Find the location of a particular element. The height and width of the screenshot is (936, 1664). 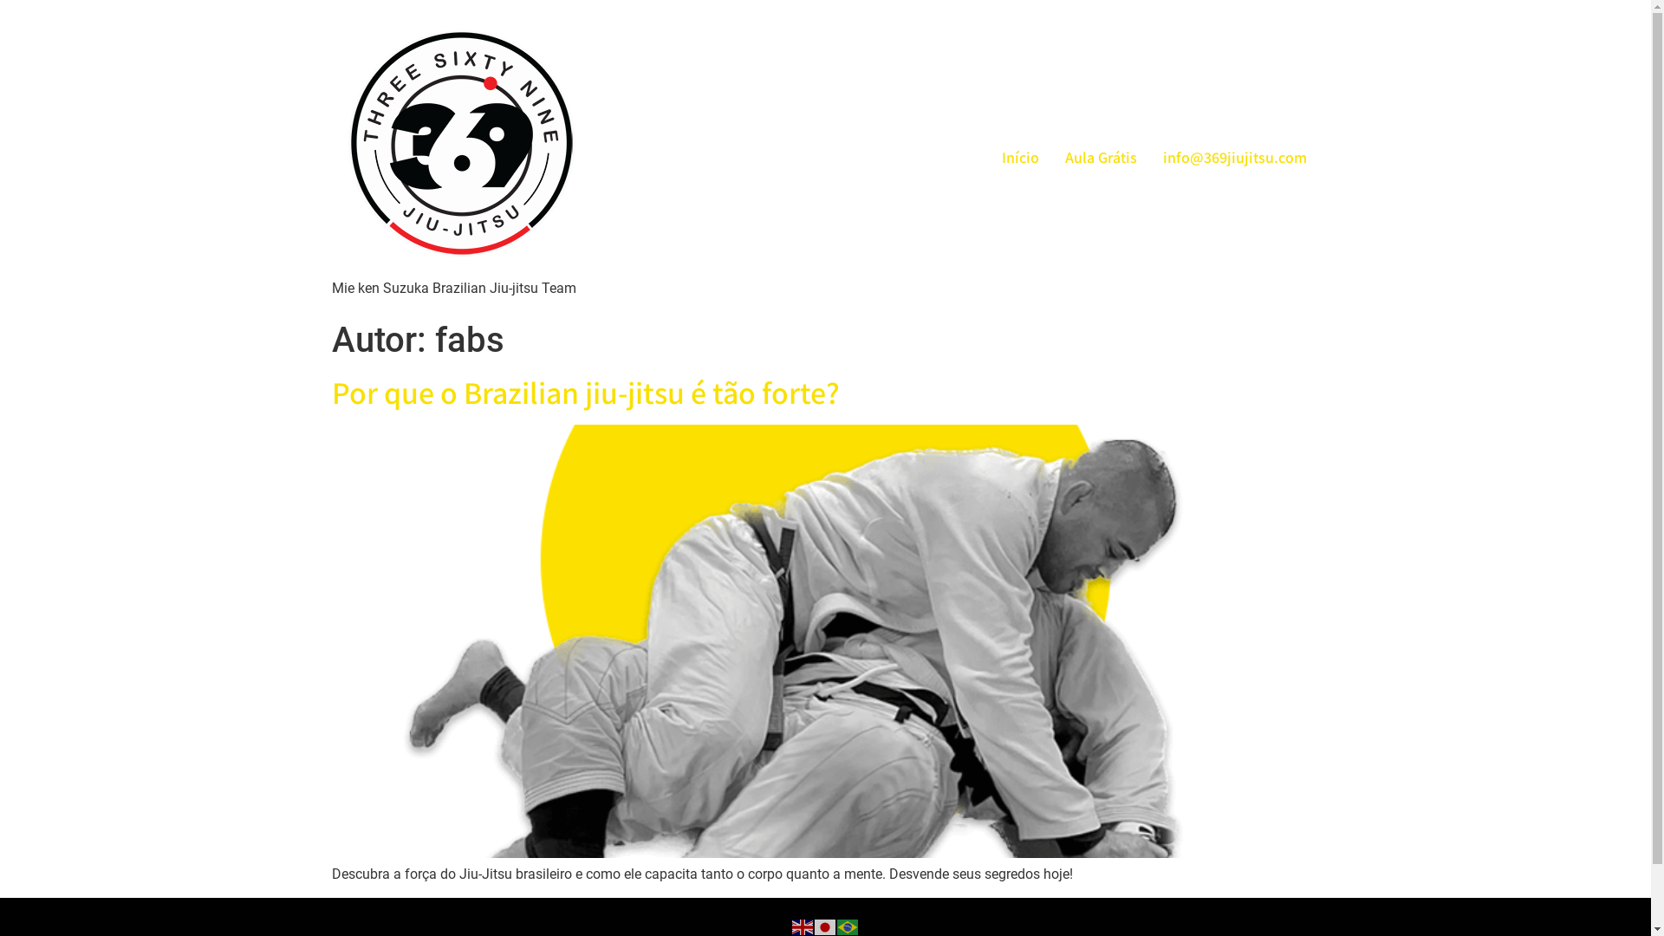

'info@369jiujitsu.com' is located at coordinates (1233, 156).